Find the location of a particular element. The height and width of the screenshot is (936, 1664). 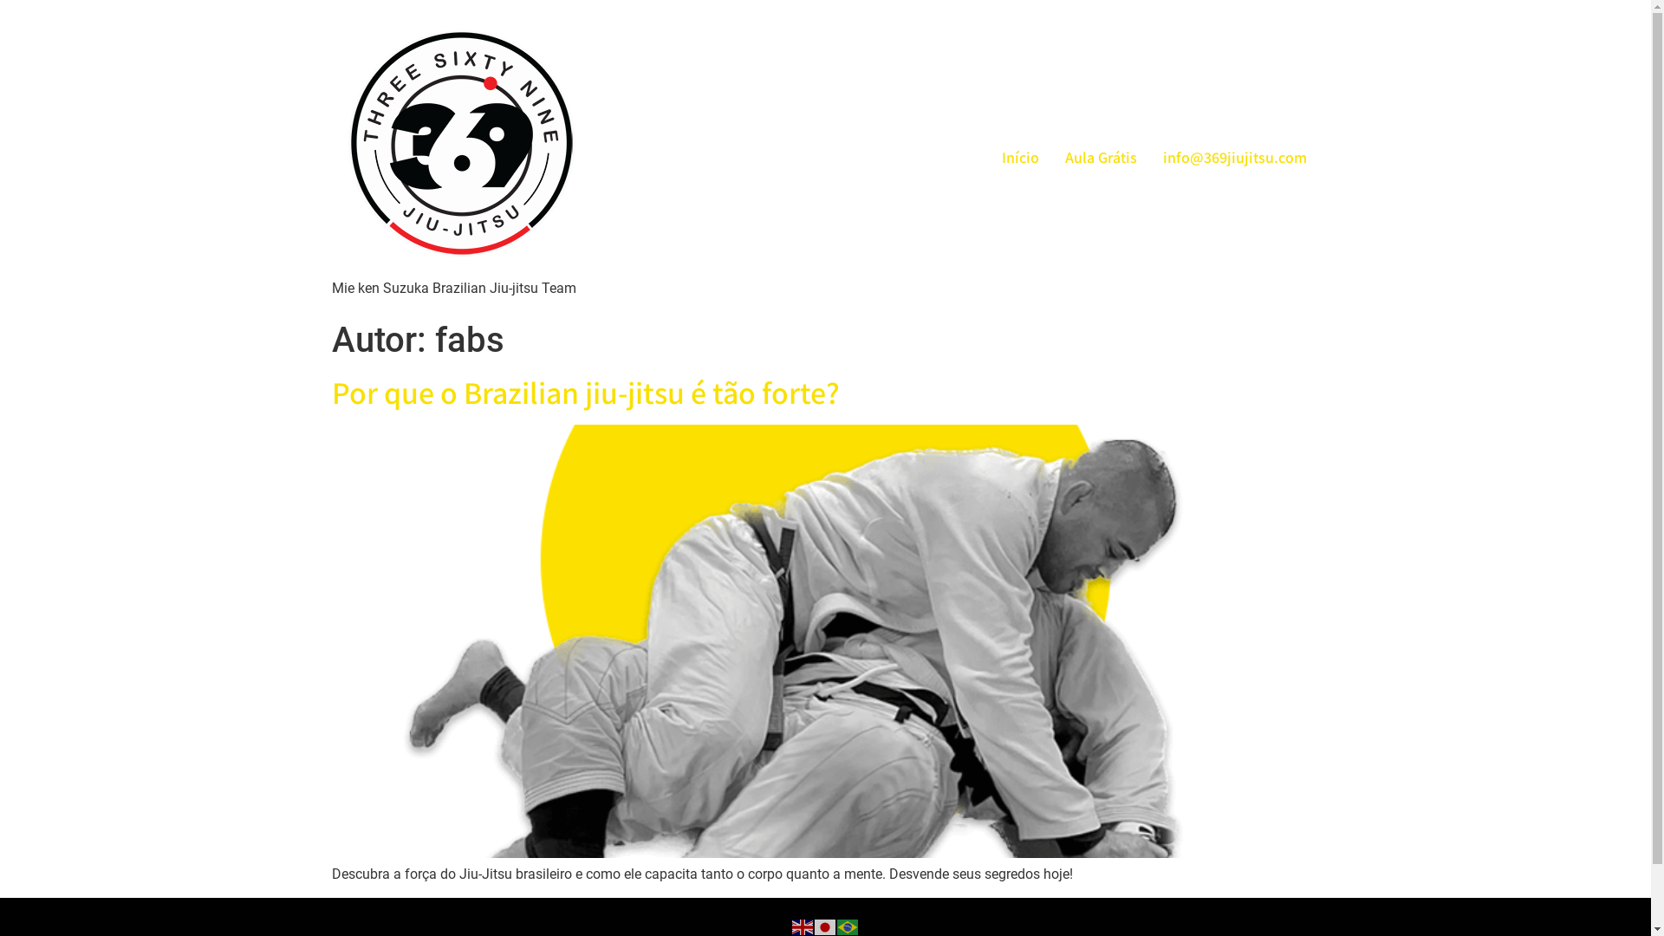

'info@369jiujitsu.com' is located at coordinates (1233, 156).